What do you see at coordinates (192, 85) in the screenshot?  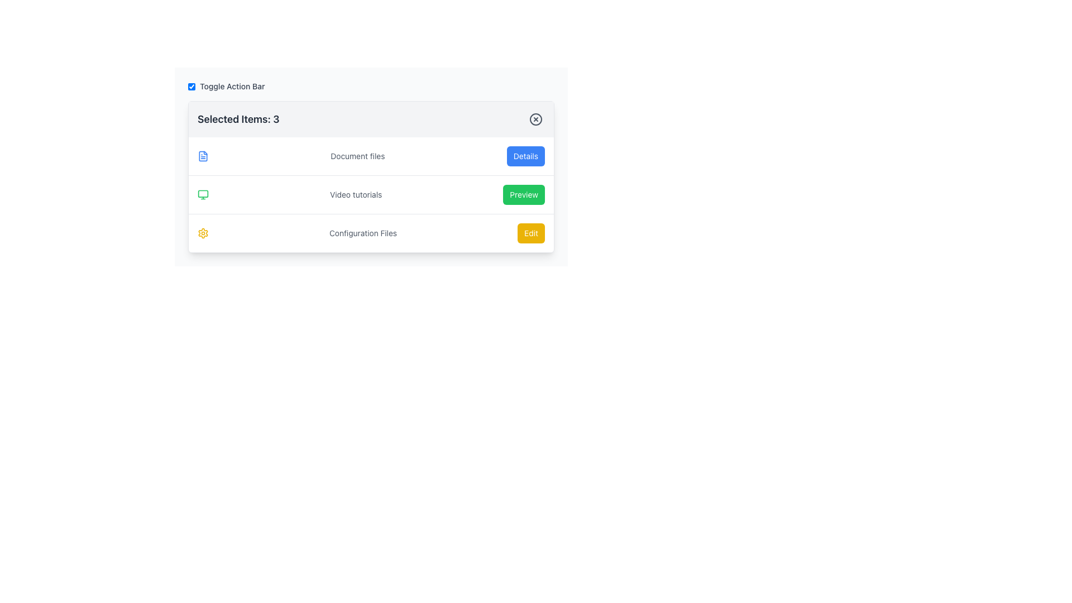 I see `the checkbox located next to the label 'Toggle Action Bar' to change its appearance` at bounding box center [192, 85].